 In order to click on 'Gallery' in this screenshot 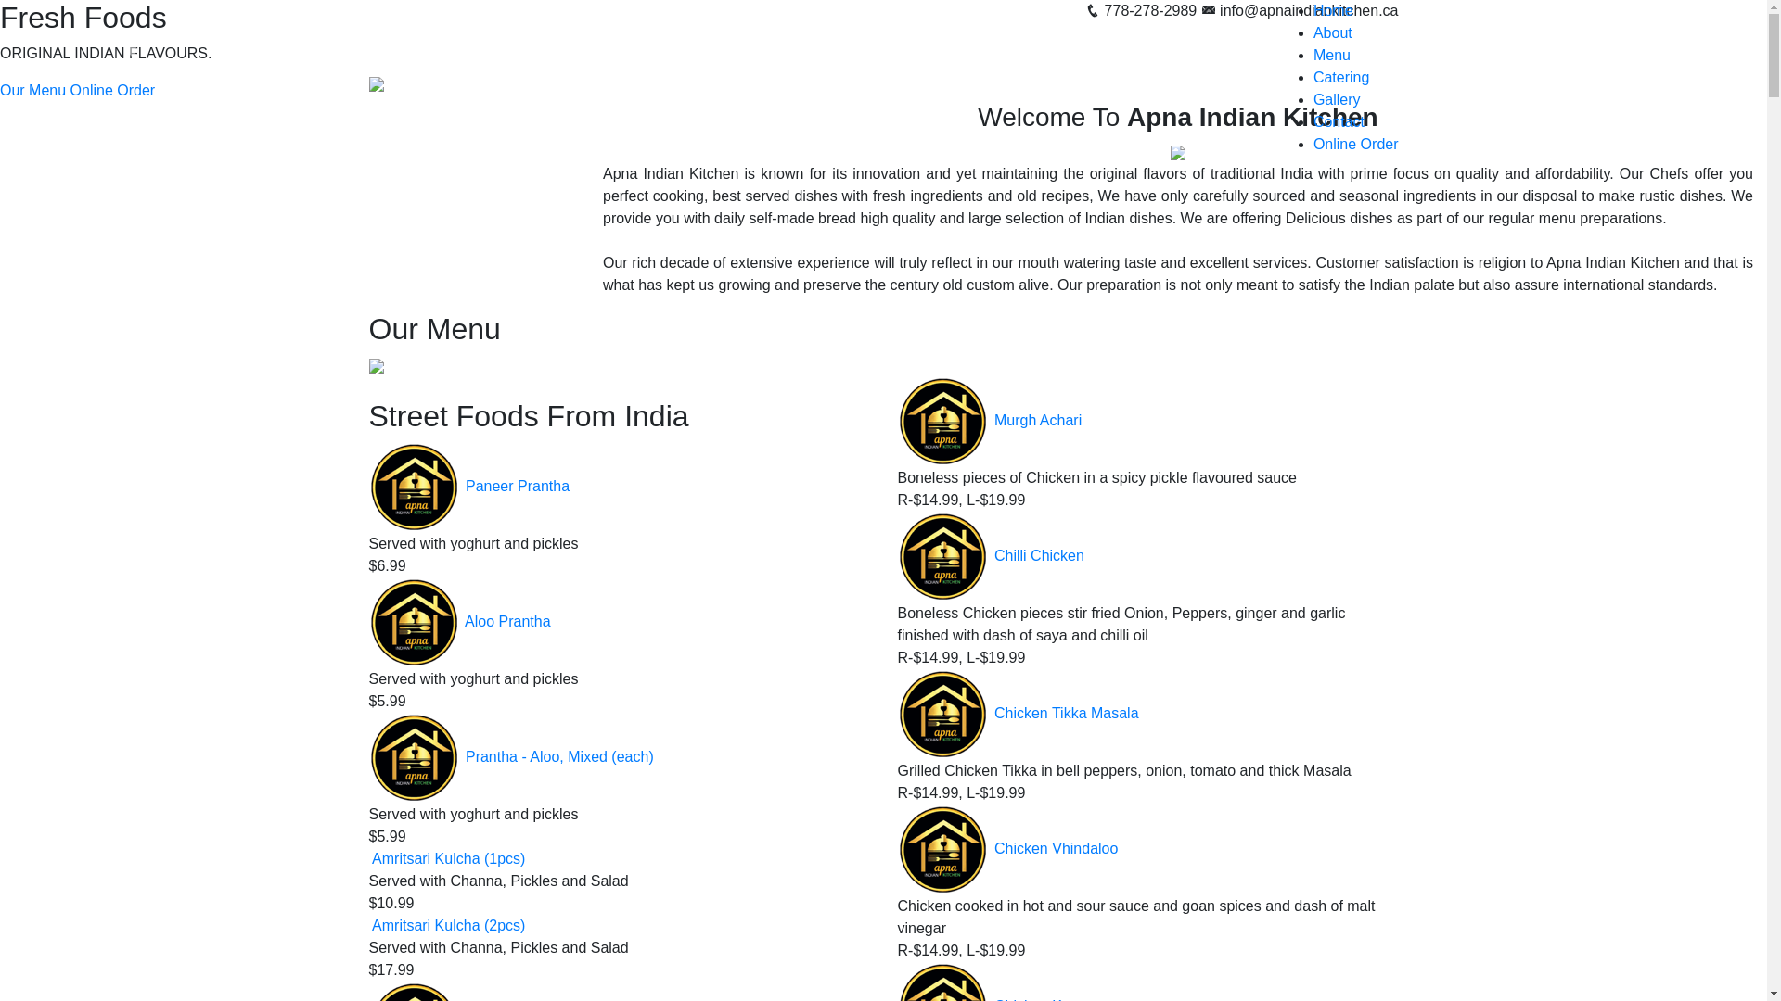, I will do `click(1337, 99)`.